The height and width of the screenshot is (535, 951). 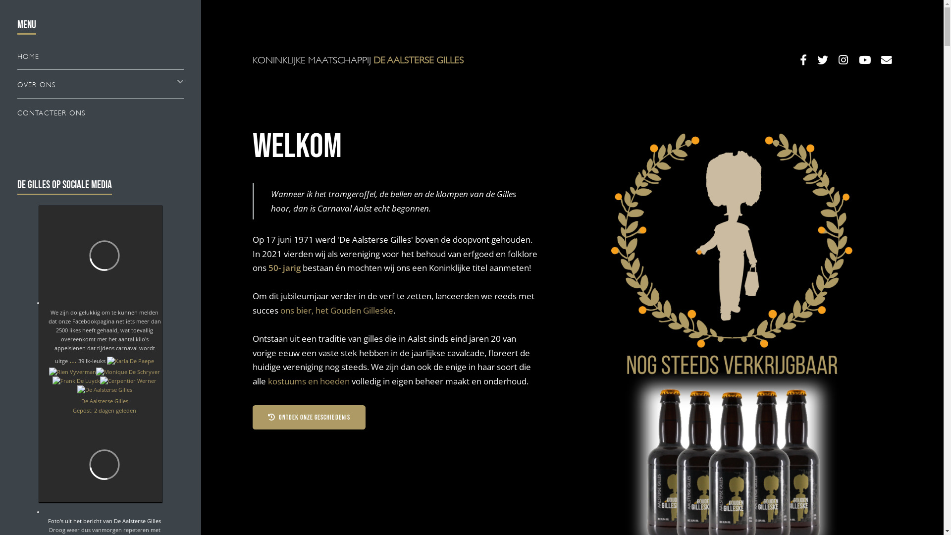 I want to click on 'Monique De Schryver', so click(x=127, y=372).